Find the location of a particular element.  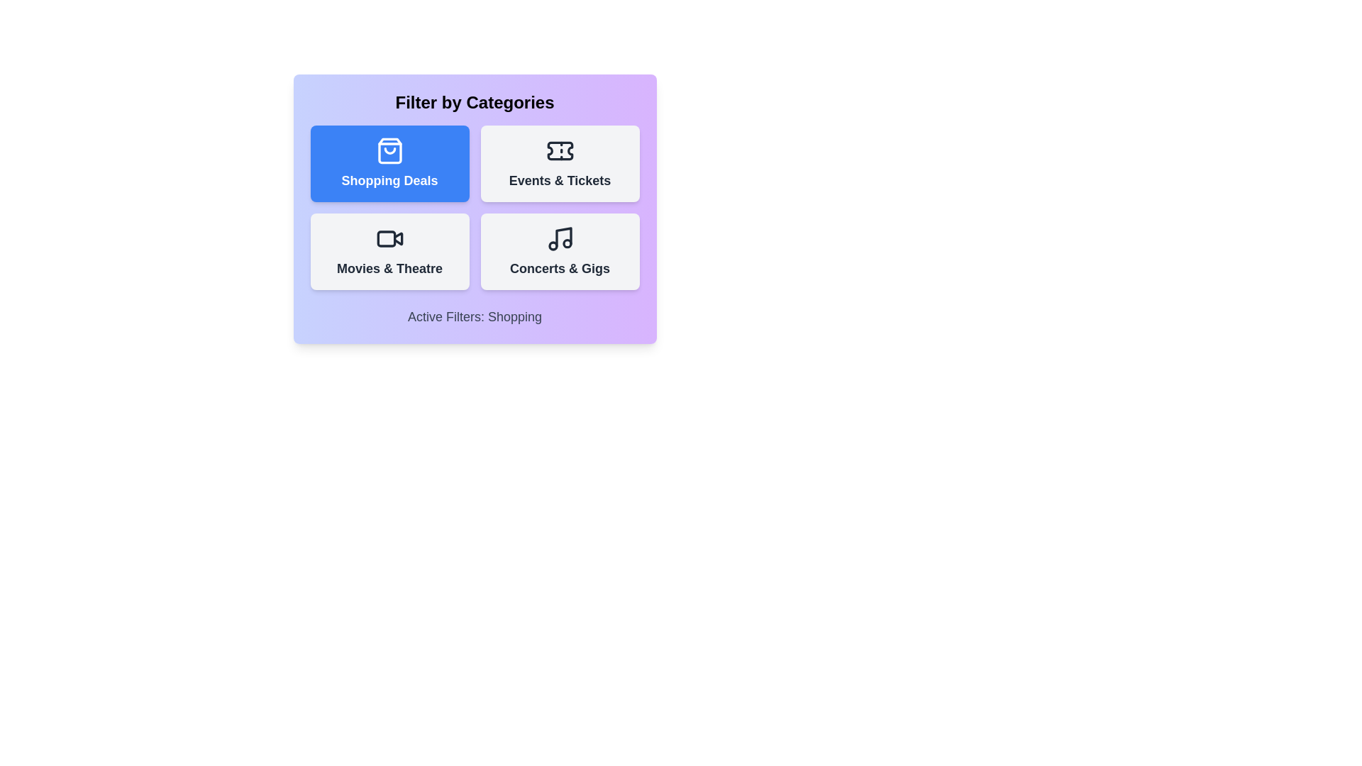

the category button for Shopping Deals is located at coordinates (389, 163).